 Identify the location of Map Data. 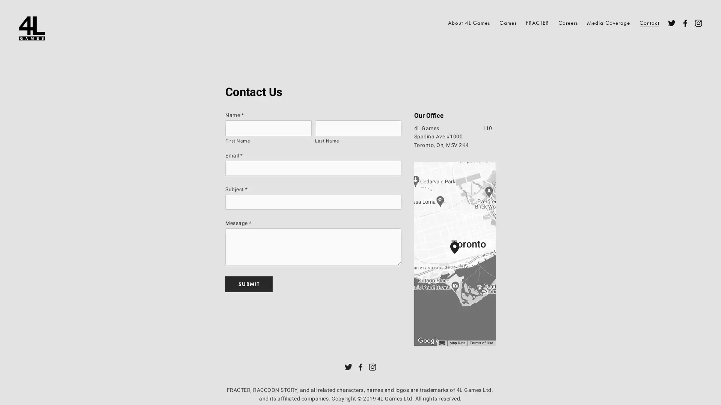
(457, 343).